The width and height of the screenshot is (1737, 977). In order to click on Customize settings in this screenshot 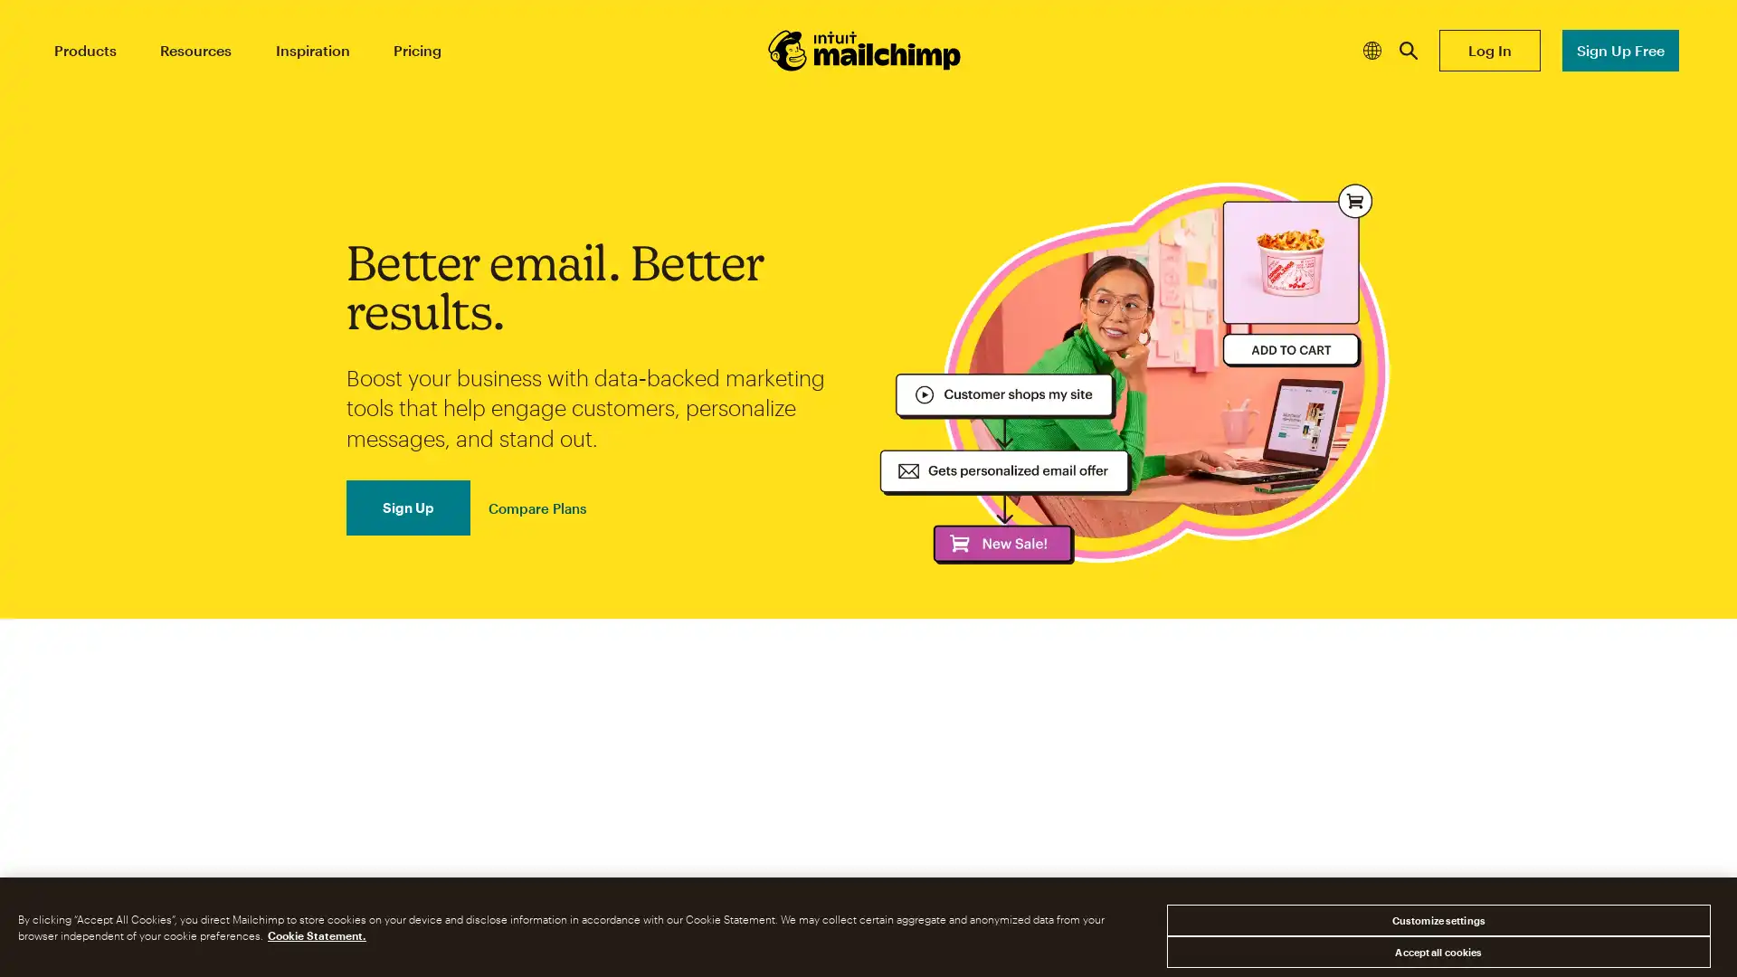, I will do `click(1437, 920)`.